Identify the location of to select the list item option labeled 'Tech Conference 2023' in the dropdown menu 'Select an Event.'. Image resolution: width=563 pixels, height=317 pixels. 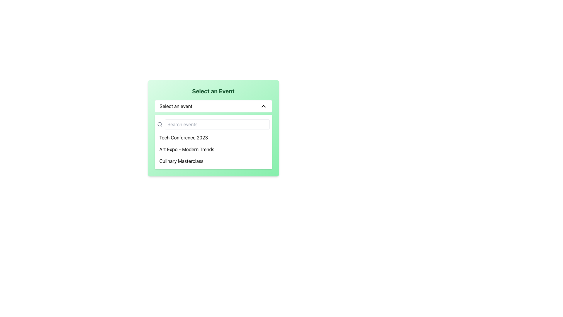
(183, 138).